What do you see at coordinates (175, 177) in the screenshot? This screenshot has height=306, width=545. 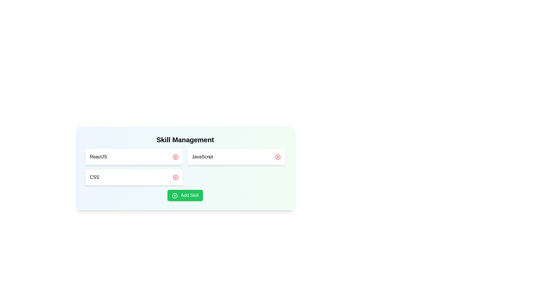 I see `red 'X' button next to CSS to remove it` at bounding box center [175, 177].